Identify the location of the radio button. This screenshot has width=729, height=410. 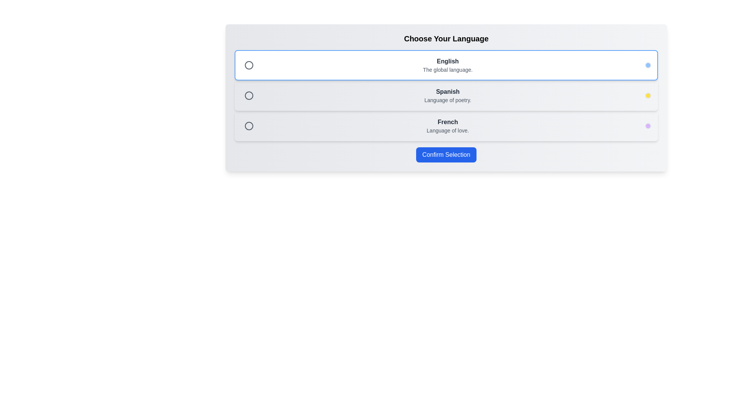
(249, 95).